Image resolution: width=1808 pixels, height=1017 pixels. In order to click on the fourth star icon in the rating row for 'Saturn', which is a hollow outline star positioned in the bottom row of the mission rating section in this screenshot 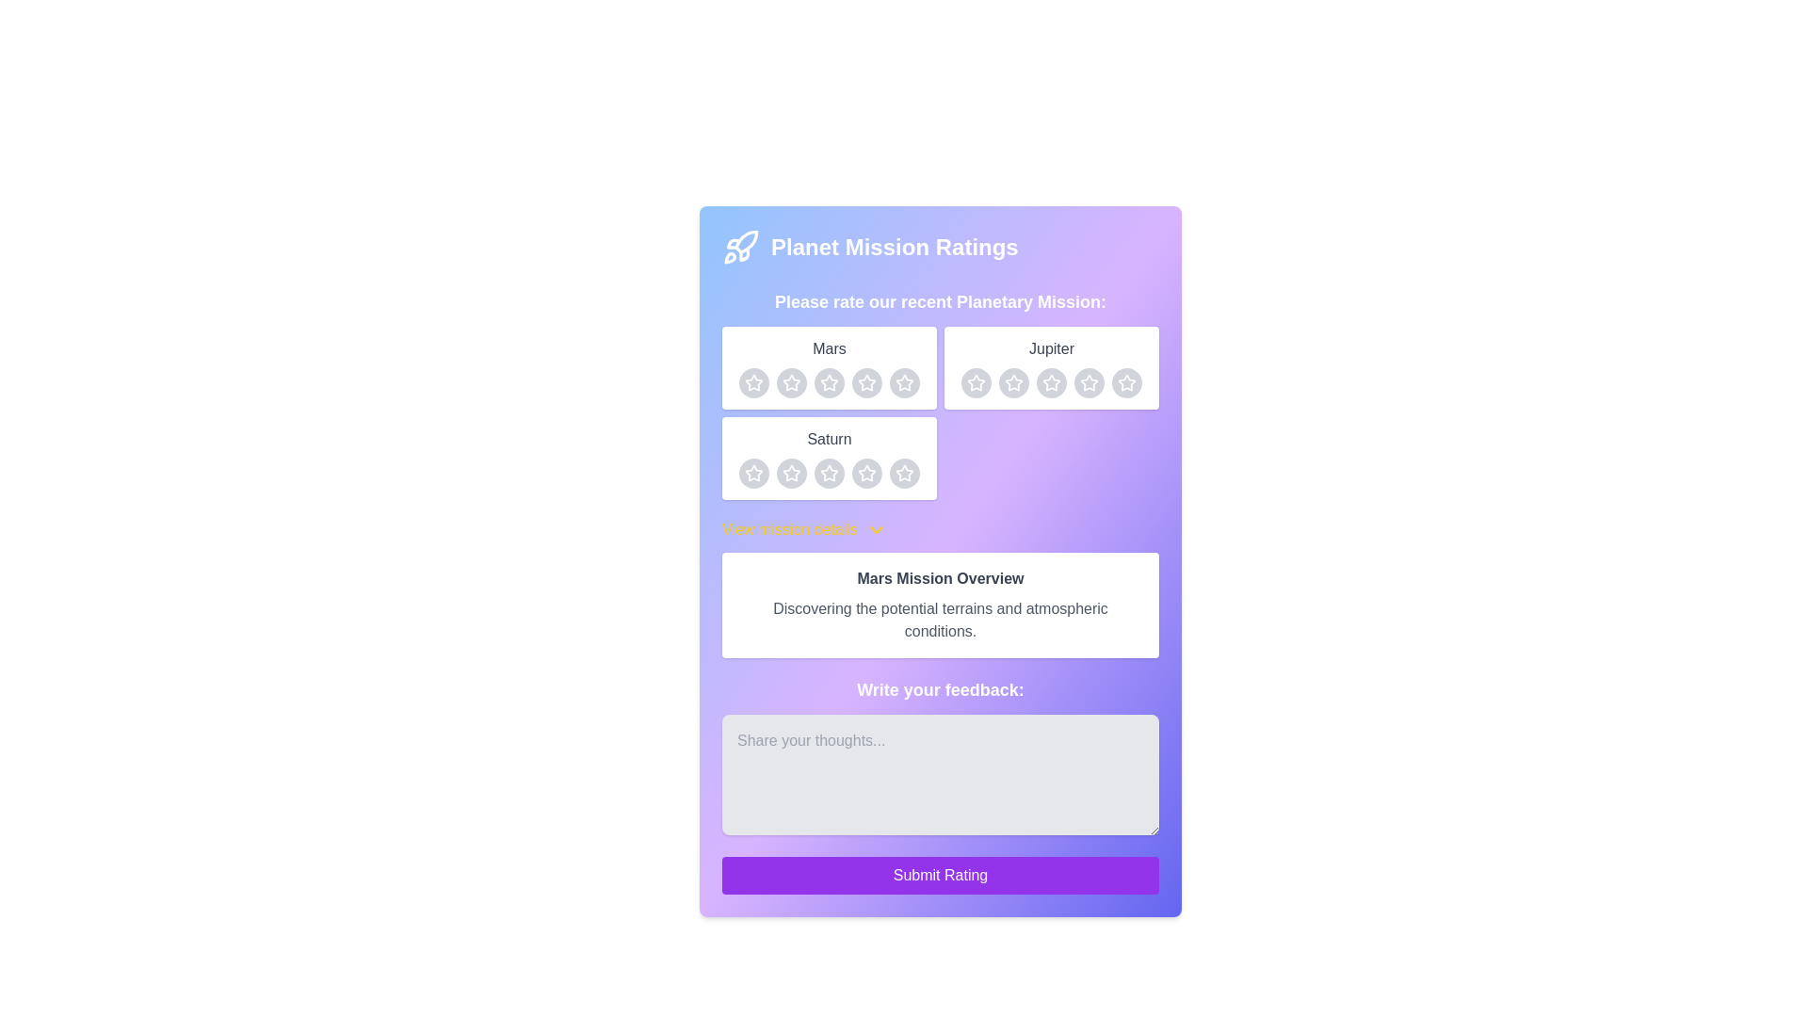, I will do `click(829, 472)`.